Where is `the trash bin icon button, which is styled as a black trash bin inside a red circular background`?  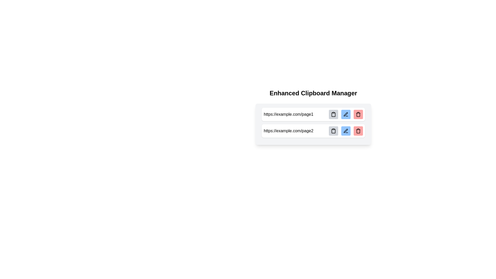
the trash bin icon button, which is styled as a black trash bin inside a red circular background is located at coordinates (358, 114).